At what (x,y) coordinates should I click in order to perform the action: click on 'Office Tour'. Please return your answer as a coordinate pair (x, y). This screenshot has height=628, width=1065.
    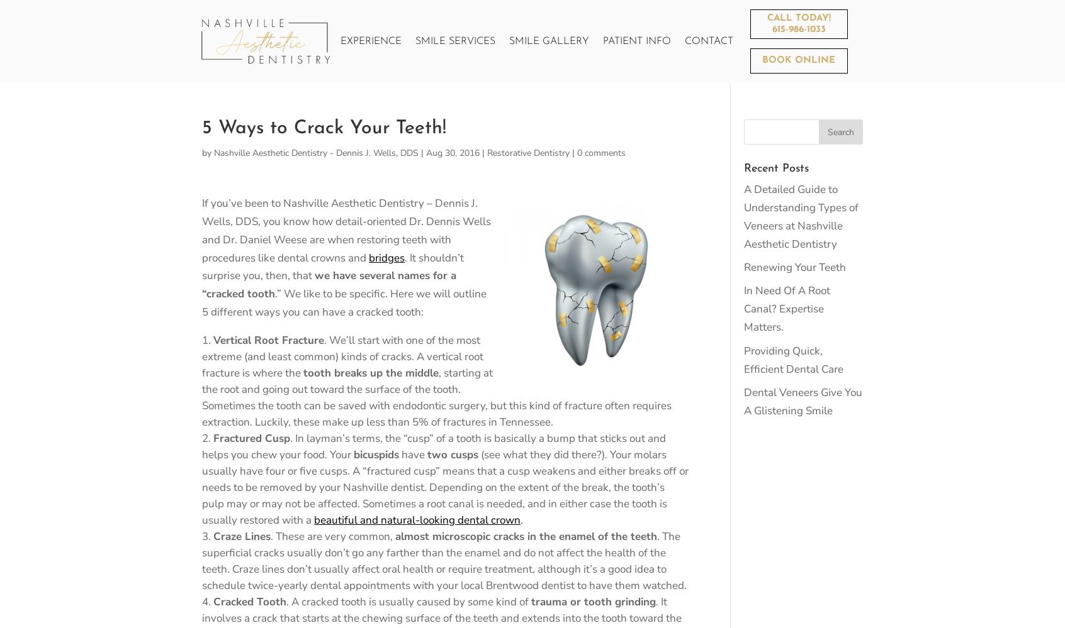
    Looking at the image, I should click on (346, 187).